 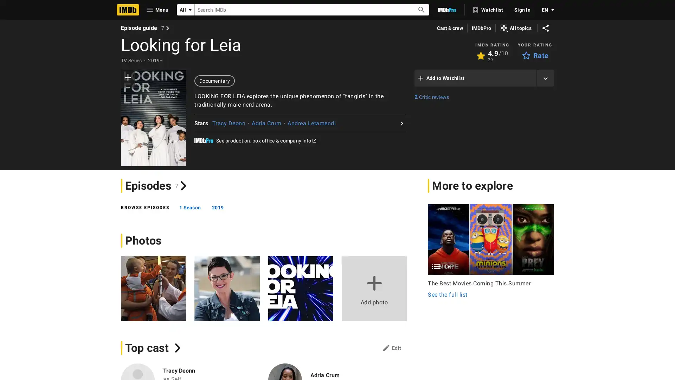 What do you see at coordinates (145, 28) in the screenshot?
I see `View episode guide` at bounding box center [145, 28].